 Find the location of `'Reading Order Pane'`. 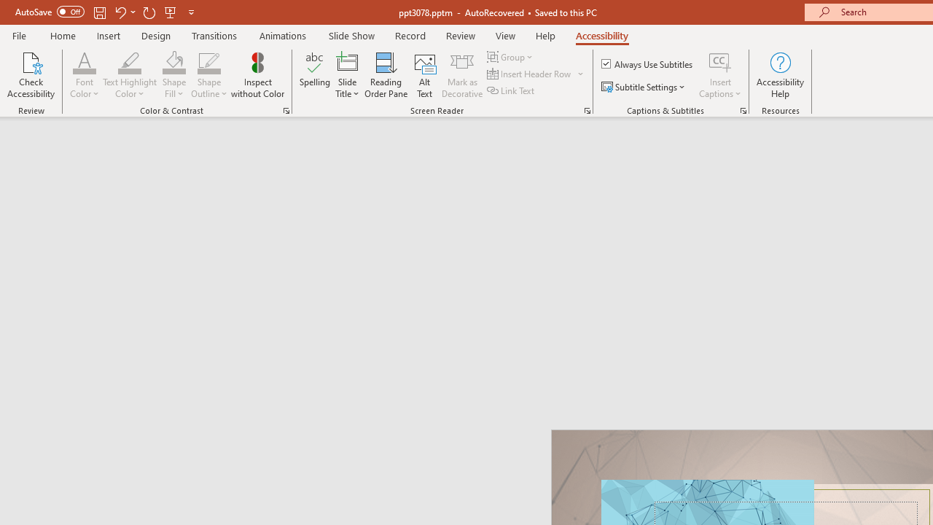

'Reading Order Pane' is located at coordinates (386, 75).